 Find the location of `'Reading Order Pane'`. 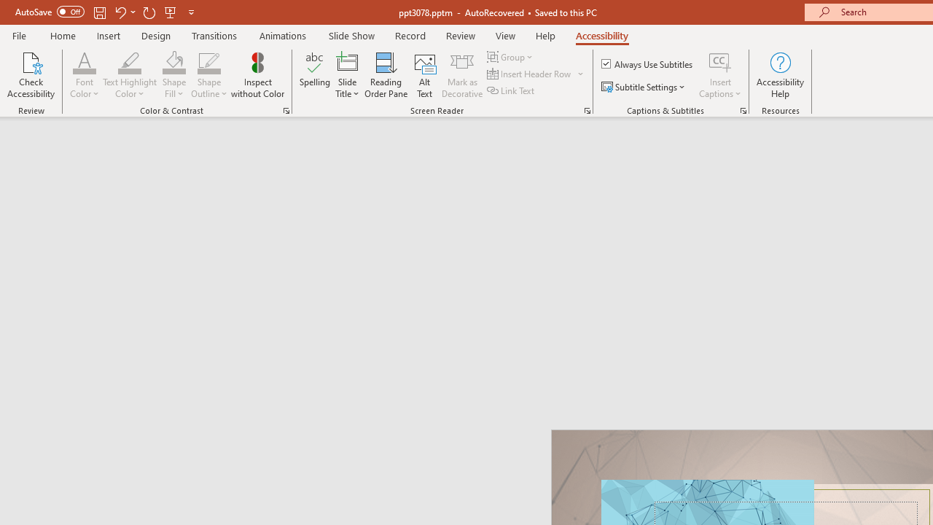

'Reading Order Pane' is located at coordinates (386, 75).